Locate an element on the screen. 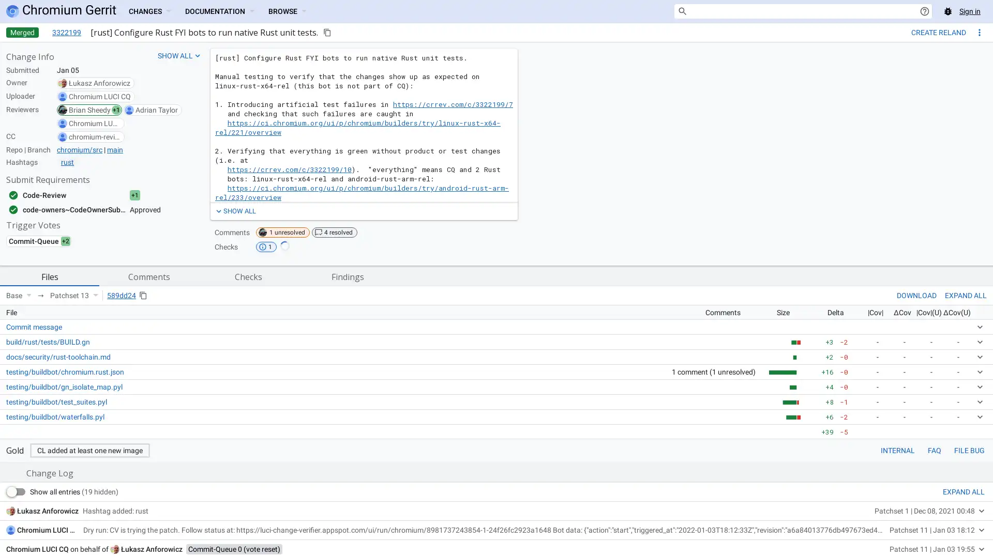  satisfied code-owners~CodeOwnerSub... Approved is located at coordinates (84, 209).